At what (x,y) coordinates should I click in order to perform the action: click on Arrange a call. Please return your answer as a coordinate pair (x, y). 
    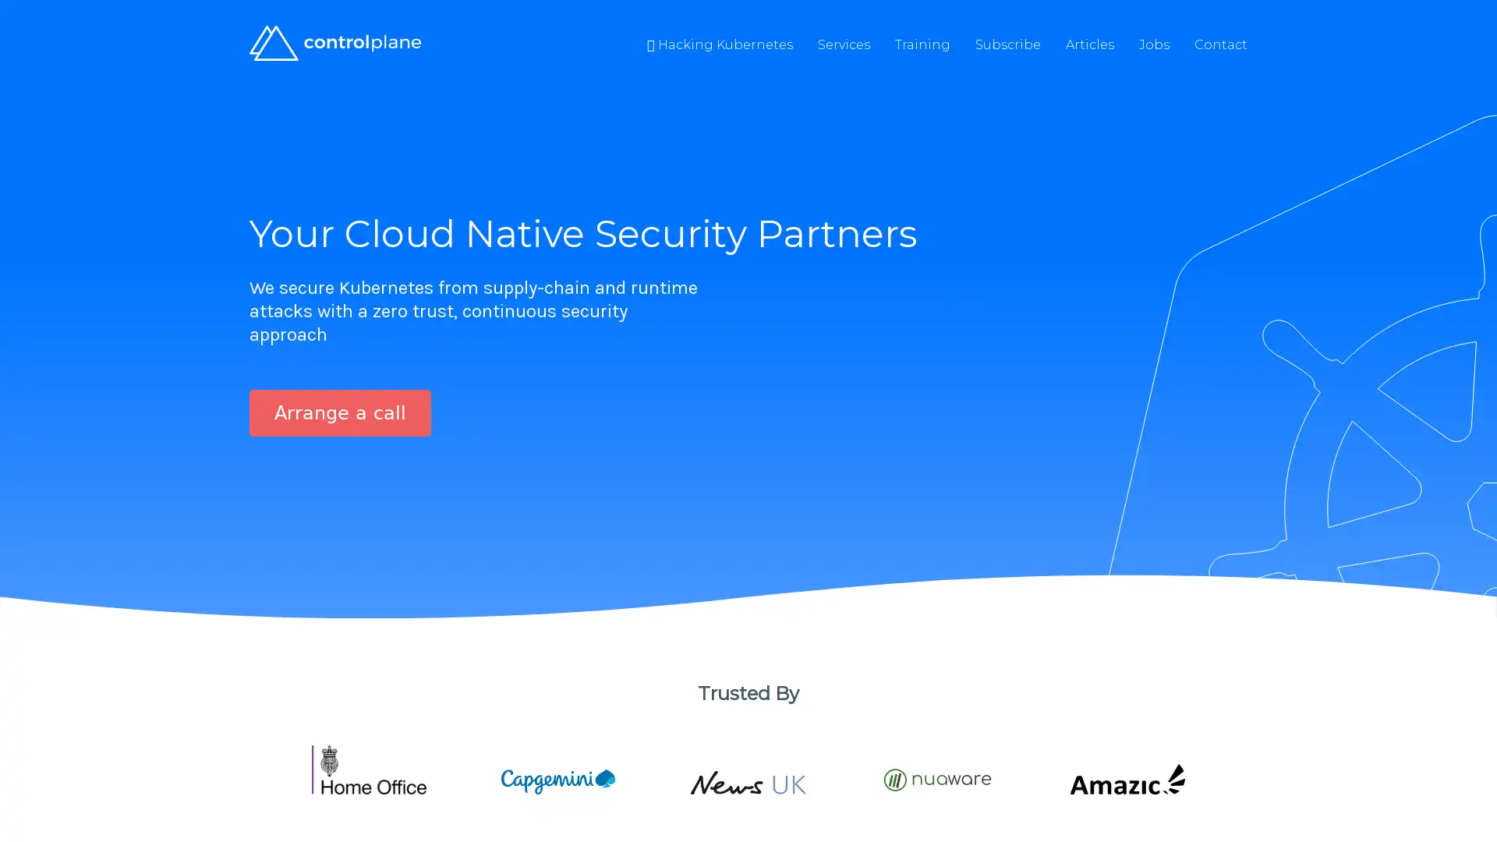
    Looking at the image, I should click on (339, 412).